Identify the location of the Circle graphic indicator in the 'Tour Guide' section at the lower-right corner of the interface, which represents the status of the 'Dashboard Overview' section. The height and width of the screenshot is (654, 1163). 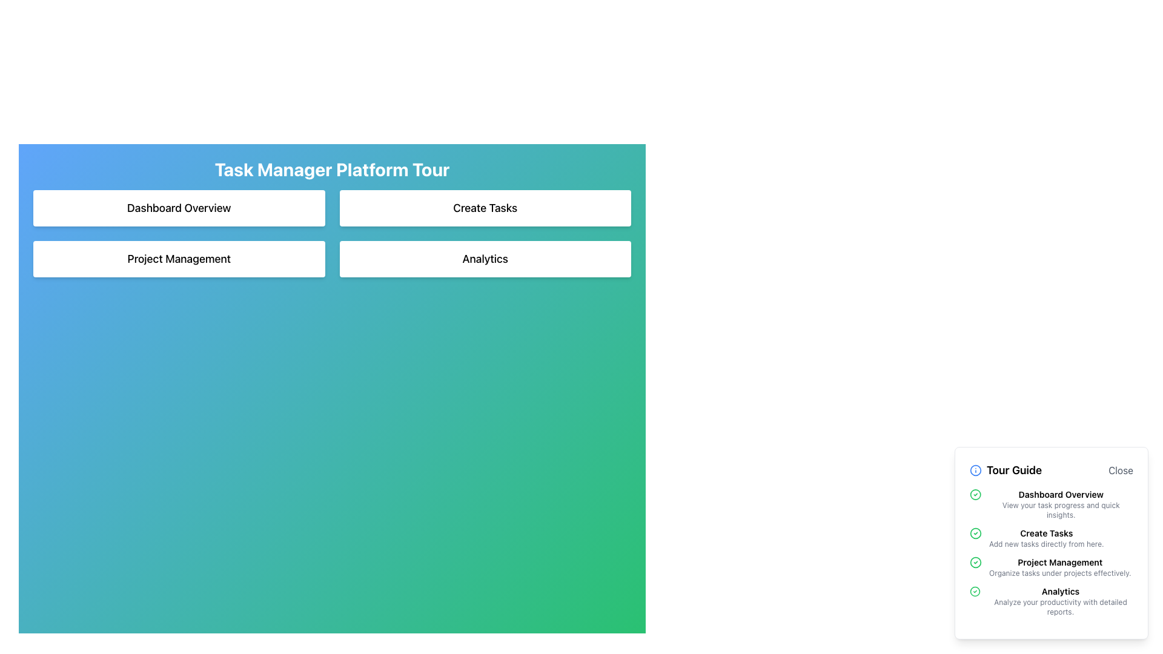
(976, 532).